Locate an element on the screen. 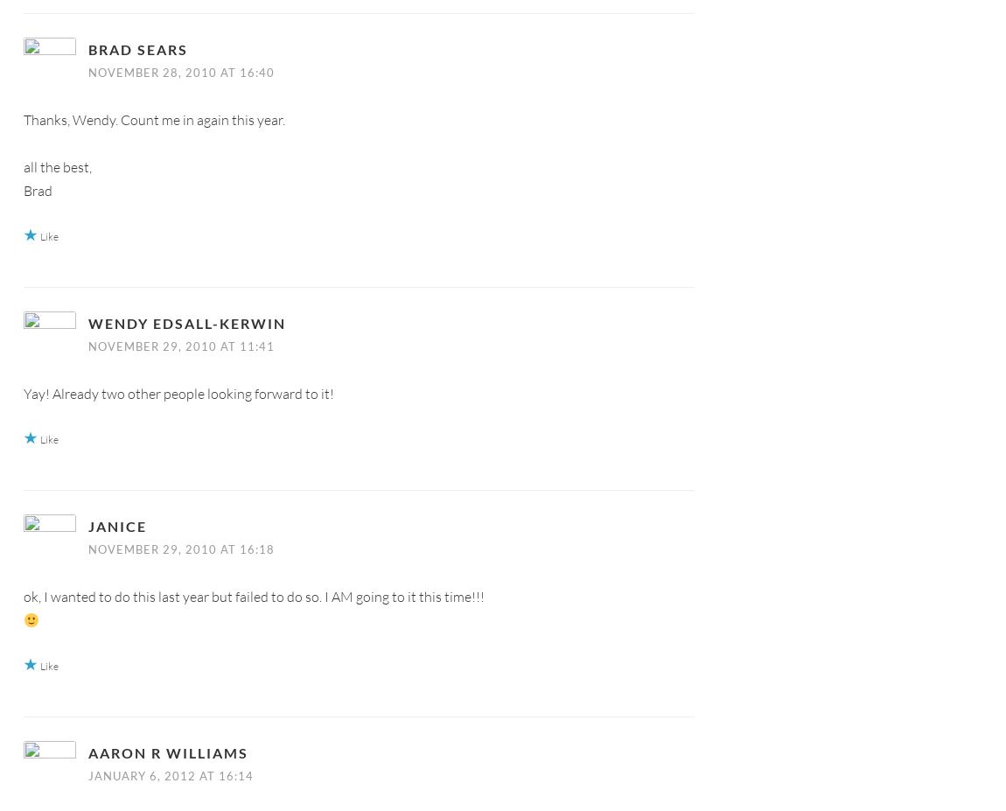 Image resolution: width=1006 pixels, height=811 pixels. 'November 29, 2010 at 11:41' is located at coordinates (180, 344).